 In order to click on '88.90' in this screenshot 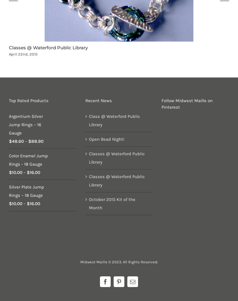, I will do `click(37, 141)`.